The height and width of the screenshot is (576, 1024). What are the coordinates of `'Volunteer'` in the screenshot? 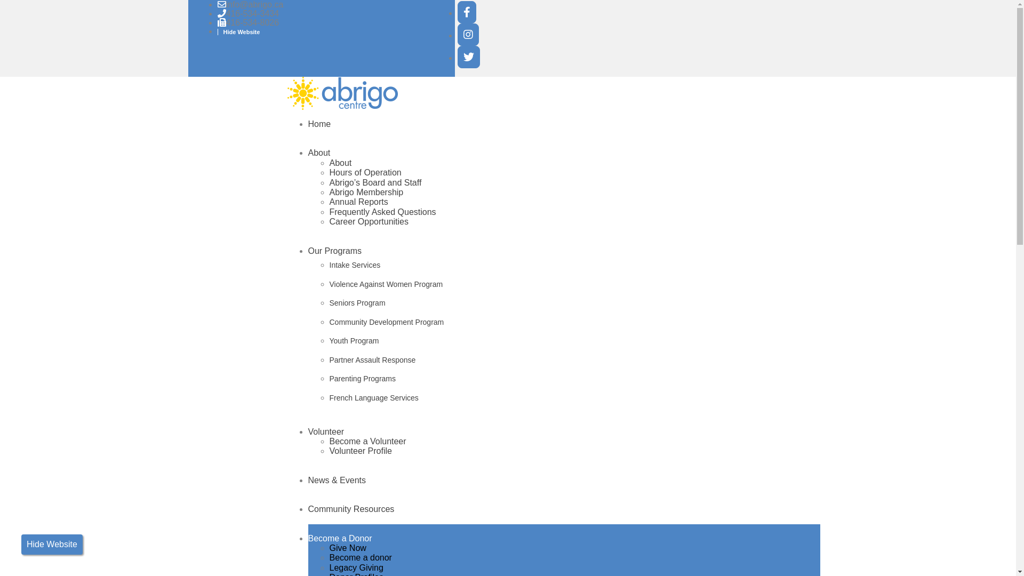 It's located at (325, 431).